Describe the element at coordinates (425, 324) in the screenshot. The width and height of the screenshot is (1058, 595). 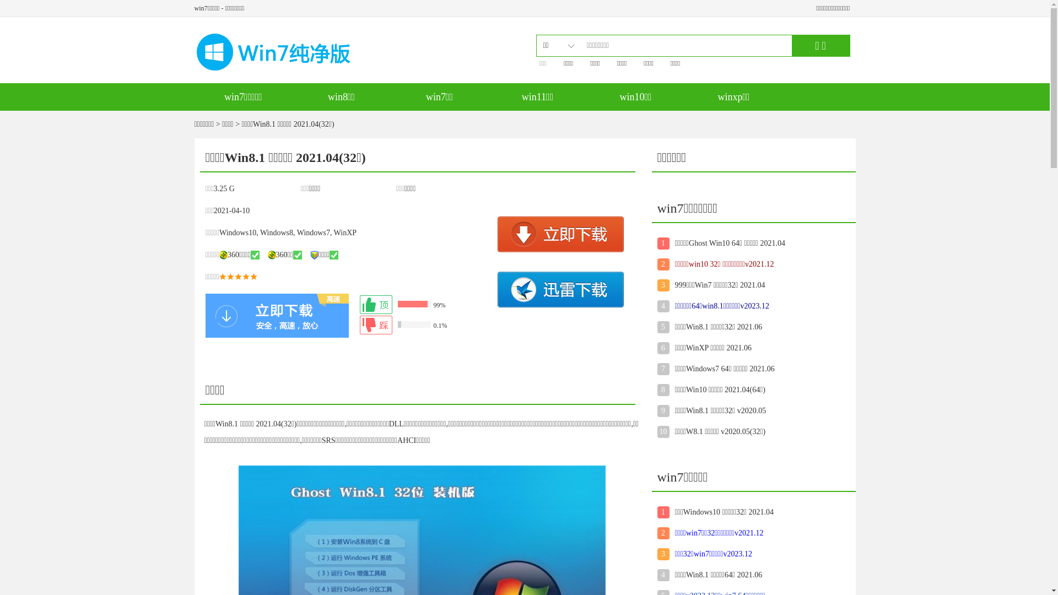
I see `'0.1%'` at that location.